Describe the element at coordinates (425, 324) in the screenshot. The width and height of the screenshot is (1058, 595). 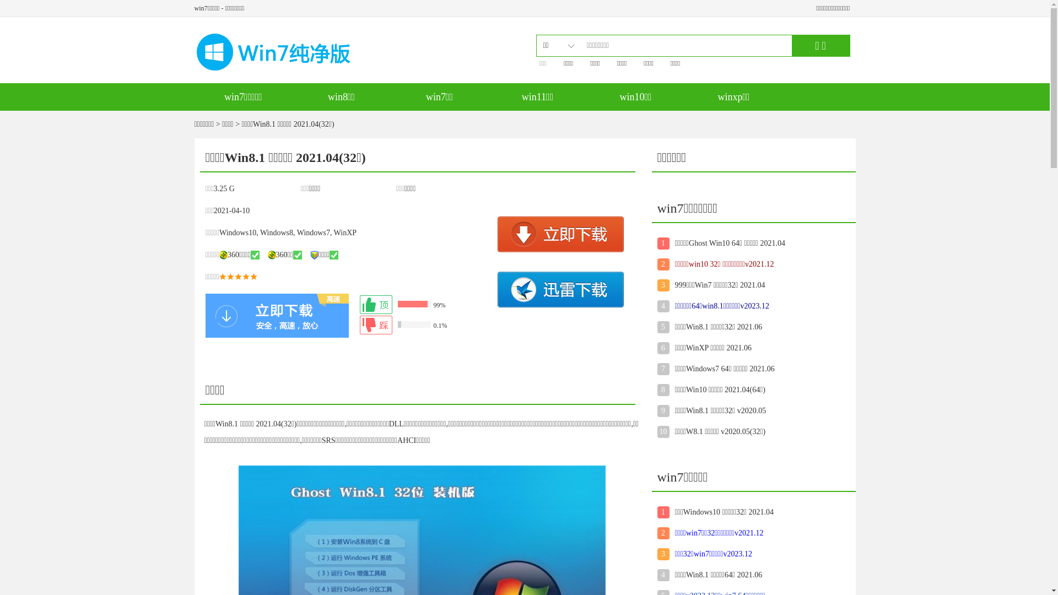
I see `'0.1%'` at that location.